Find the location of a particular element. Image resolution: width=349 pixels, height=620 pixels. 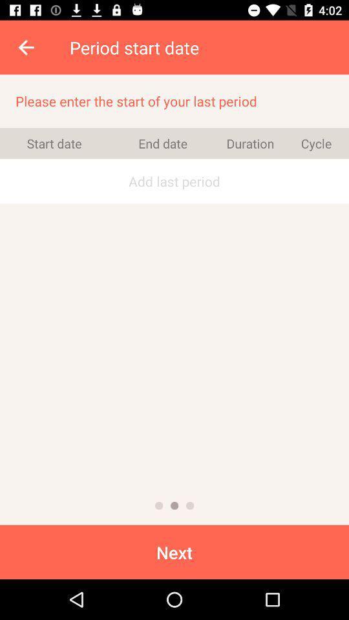

previous is located at coordinates (159, 506).